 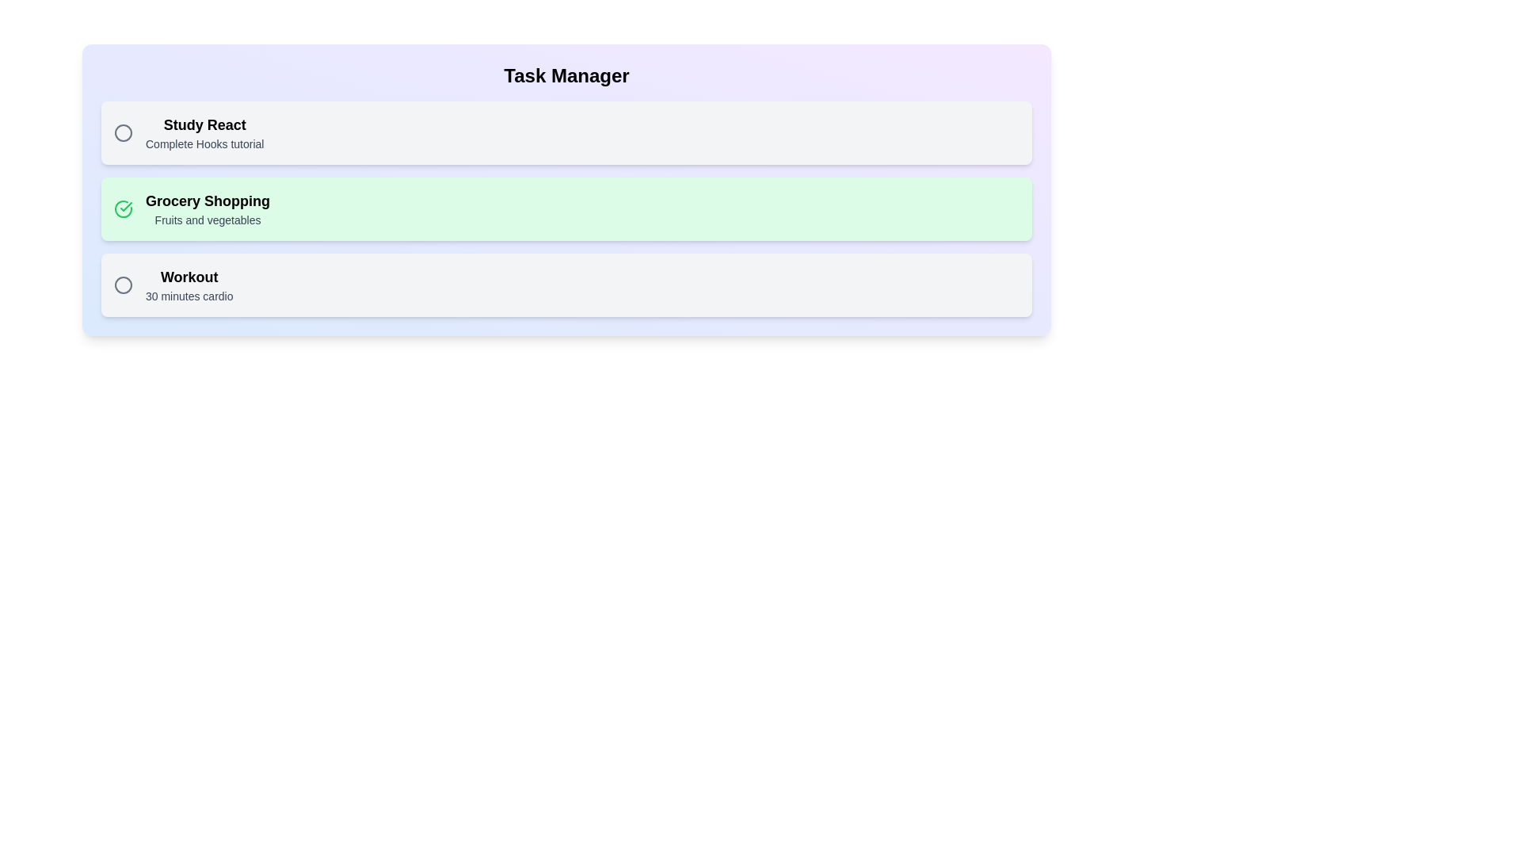 I want to click on the primary title or header text of the first task in the task manager interface, which is located above the text 'Complete Hooks tutorial', so click(x=204, y=124).